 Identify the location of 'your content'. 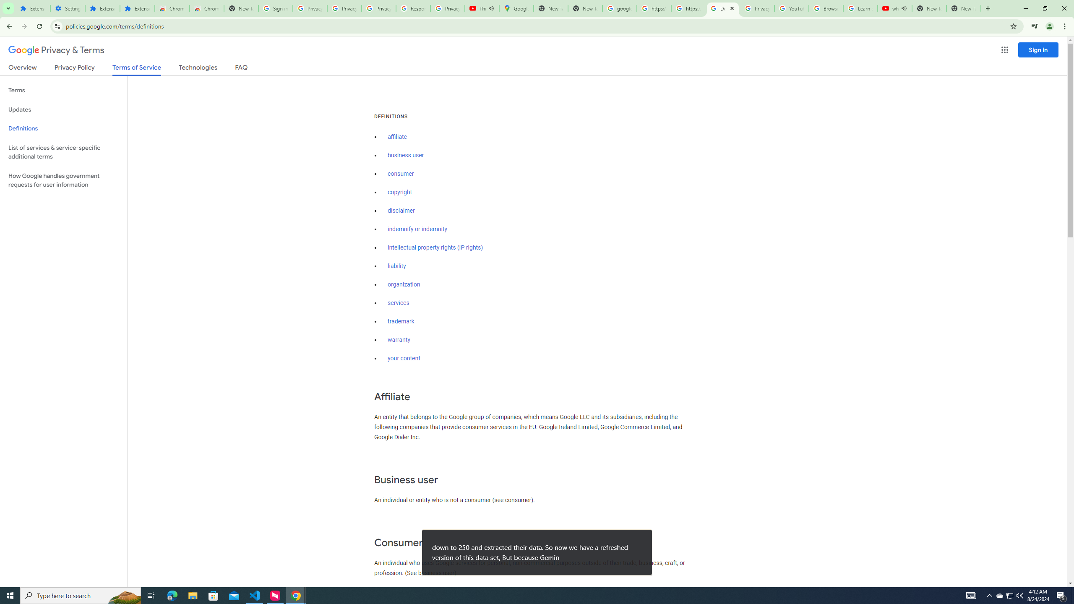
(404, 358).